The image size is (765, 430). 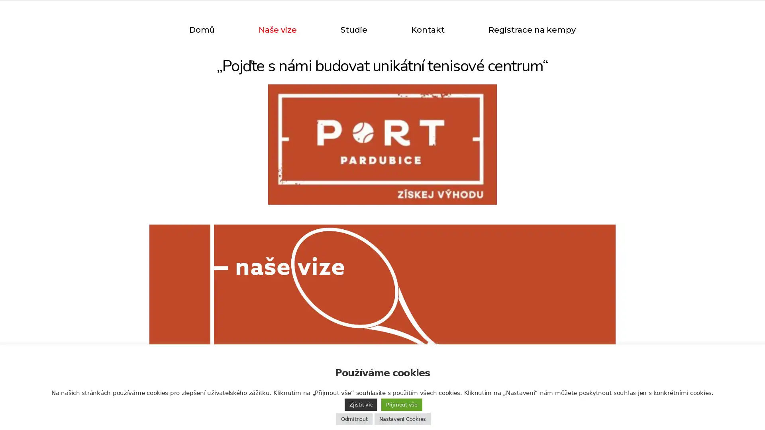 I want to click on Prijmout vse, so click(x=402, y=405).